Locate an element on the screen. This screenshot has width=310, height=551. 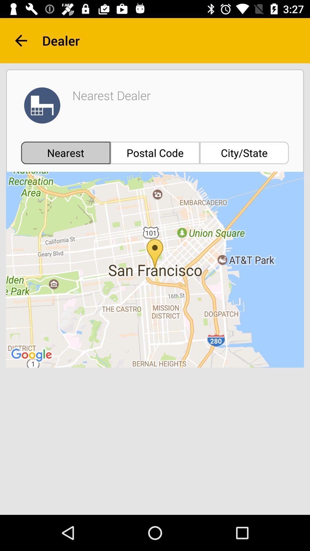
icon to the left of city/state icon is located at coordinates (155, 153).